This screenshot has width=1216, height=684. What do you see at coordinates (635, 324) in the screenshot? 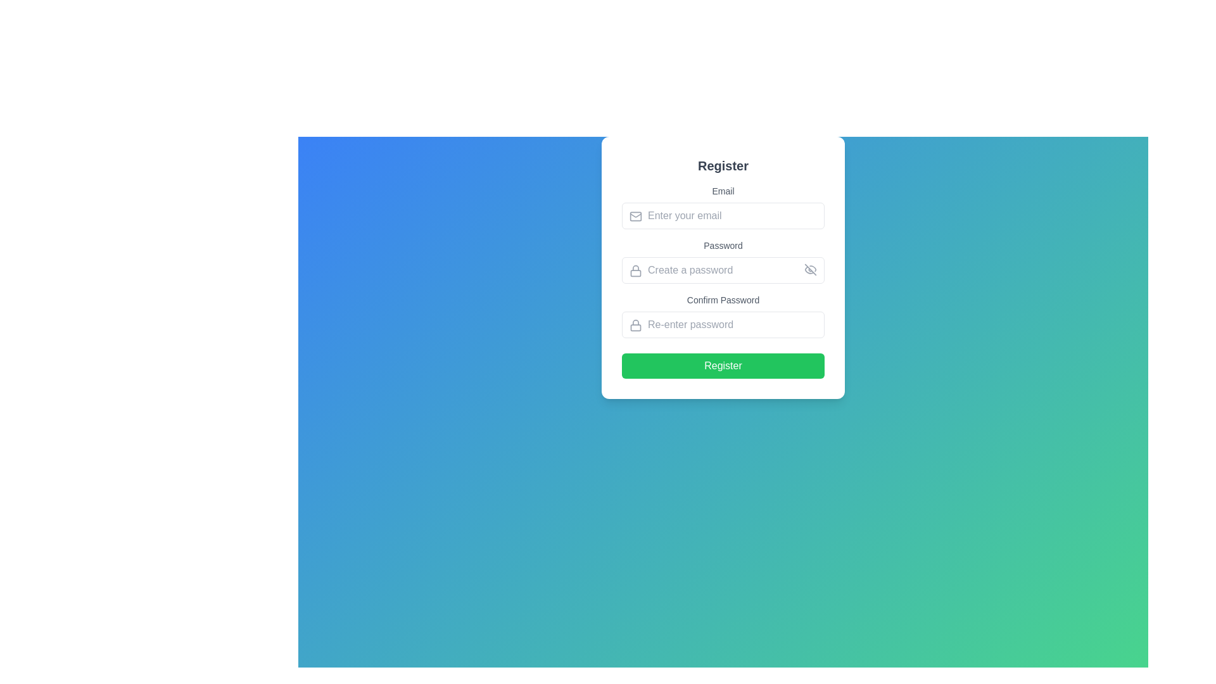
I see `the lock icon indicating the secure nature of the 'Re-enter password' input field, located at the far left of the input box` at bounding box center [635, 324].